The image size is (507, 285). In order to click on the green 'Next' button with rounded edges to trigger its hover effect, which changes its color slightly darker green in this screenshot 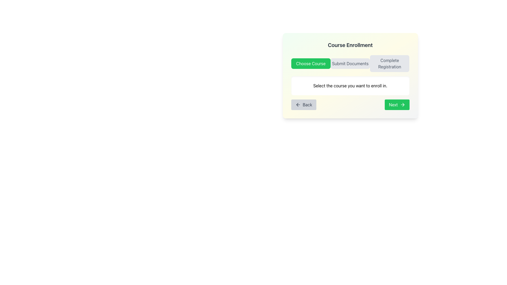, I will do `click(397, 105)`.